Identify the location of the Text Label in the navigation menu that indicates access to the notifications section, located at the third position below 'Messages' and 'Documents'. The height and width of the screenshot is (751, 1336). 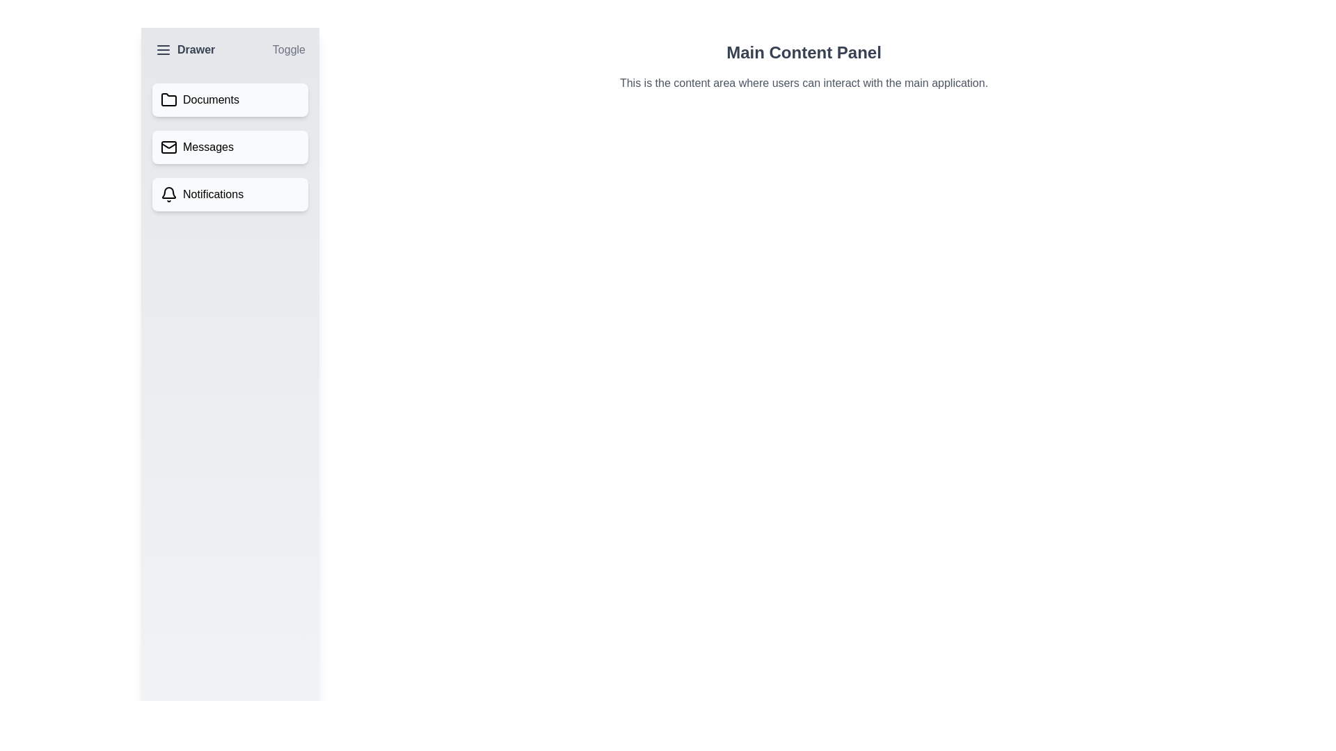
(212, 195).